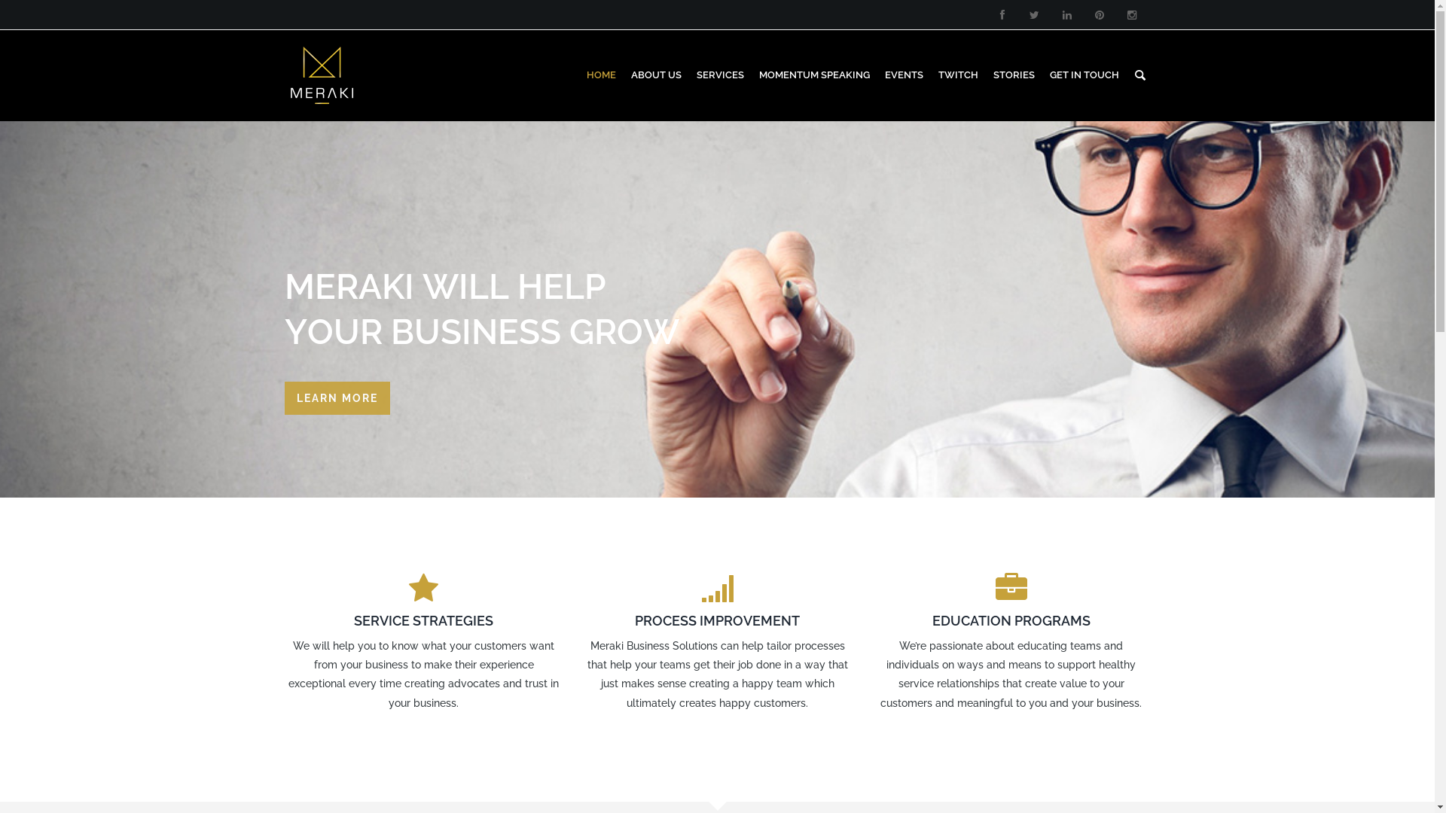 This screenshot has height=813, width=1446. What do you see at coordinates (1131, 14) in the screenshot?
I see `'instagram'` at bounding box center [1131, 14].